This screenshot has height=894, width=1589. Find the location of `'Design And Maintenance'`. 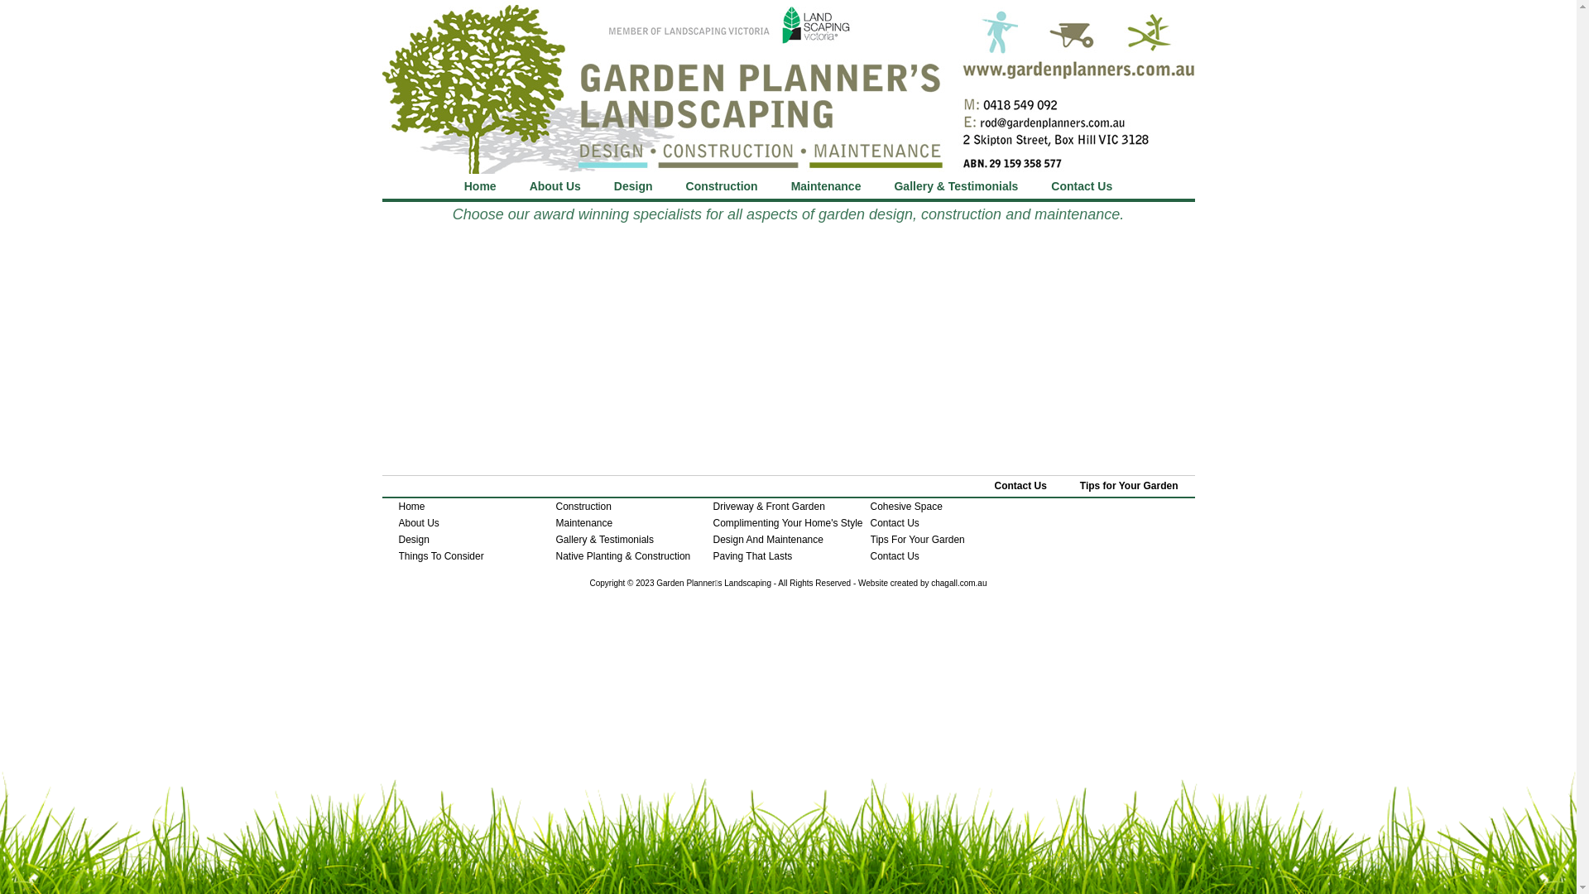

'Design And Maintenance' is located at coordinates (767, 539).